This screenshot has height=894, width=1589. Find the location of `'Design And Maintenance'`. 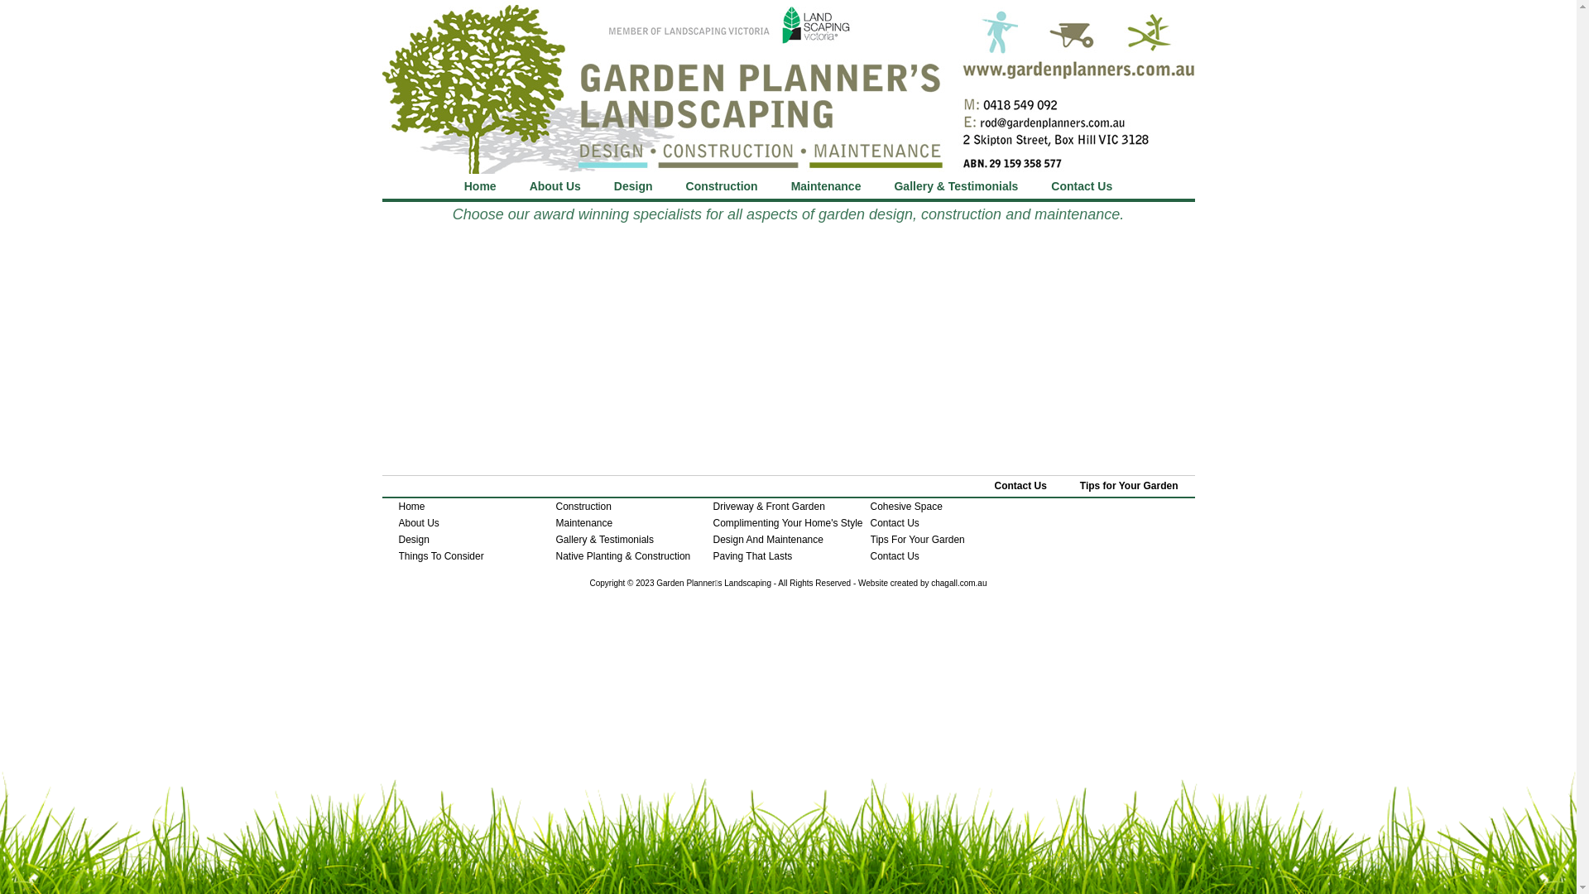

'Design And Maintenance' is located at coordinates (767, 539).